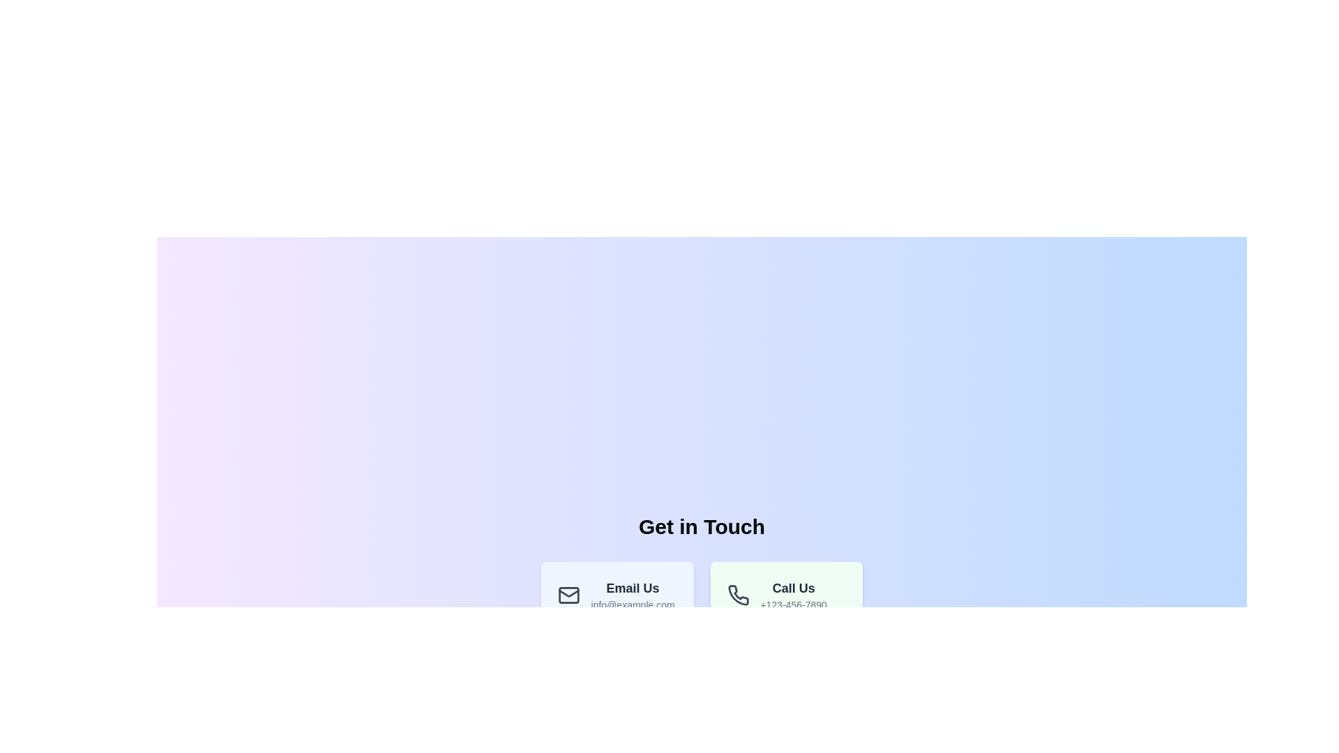 The width and height of the screenshot is (1339, 753). Describe the element at coordinates (737, 595) in the screenshot. I see `the telephone icon located in the 'Call Us' card under the 'Get in Touch' heading, which allows users to contact the provided phone number` at that location.